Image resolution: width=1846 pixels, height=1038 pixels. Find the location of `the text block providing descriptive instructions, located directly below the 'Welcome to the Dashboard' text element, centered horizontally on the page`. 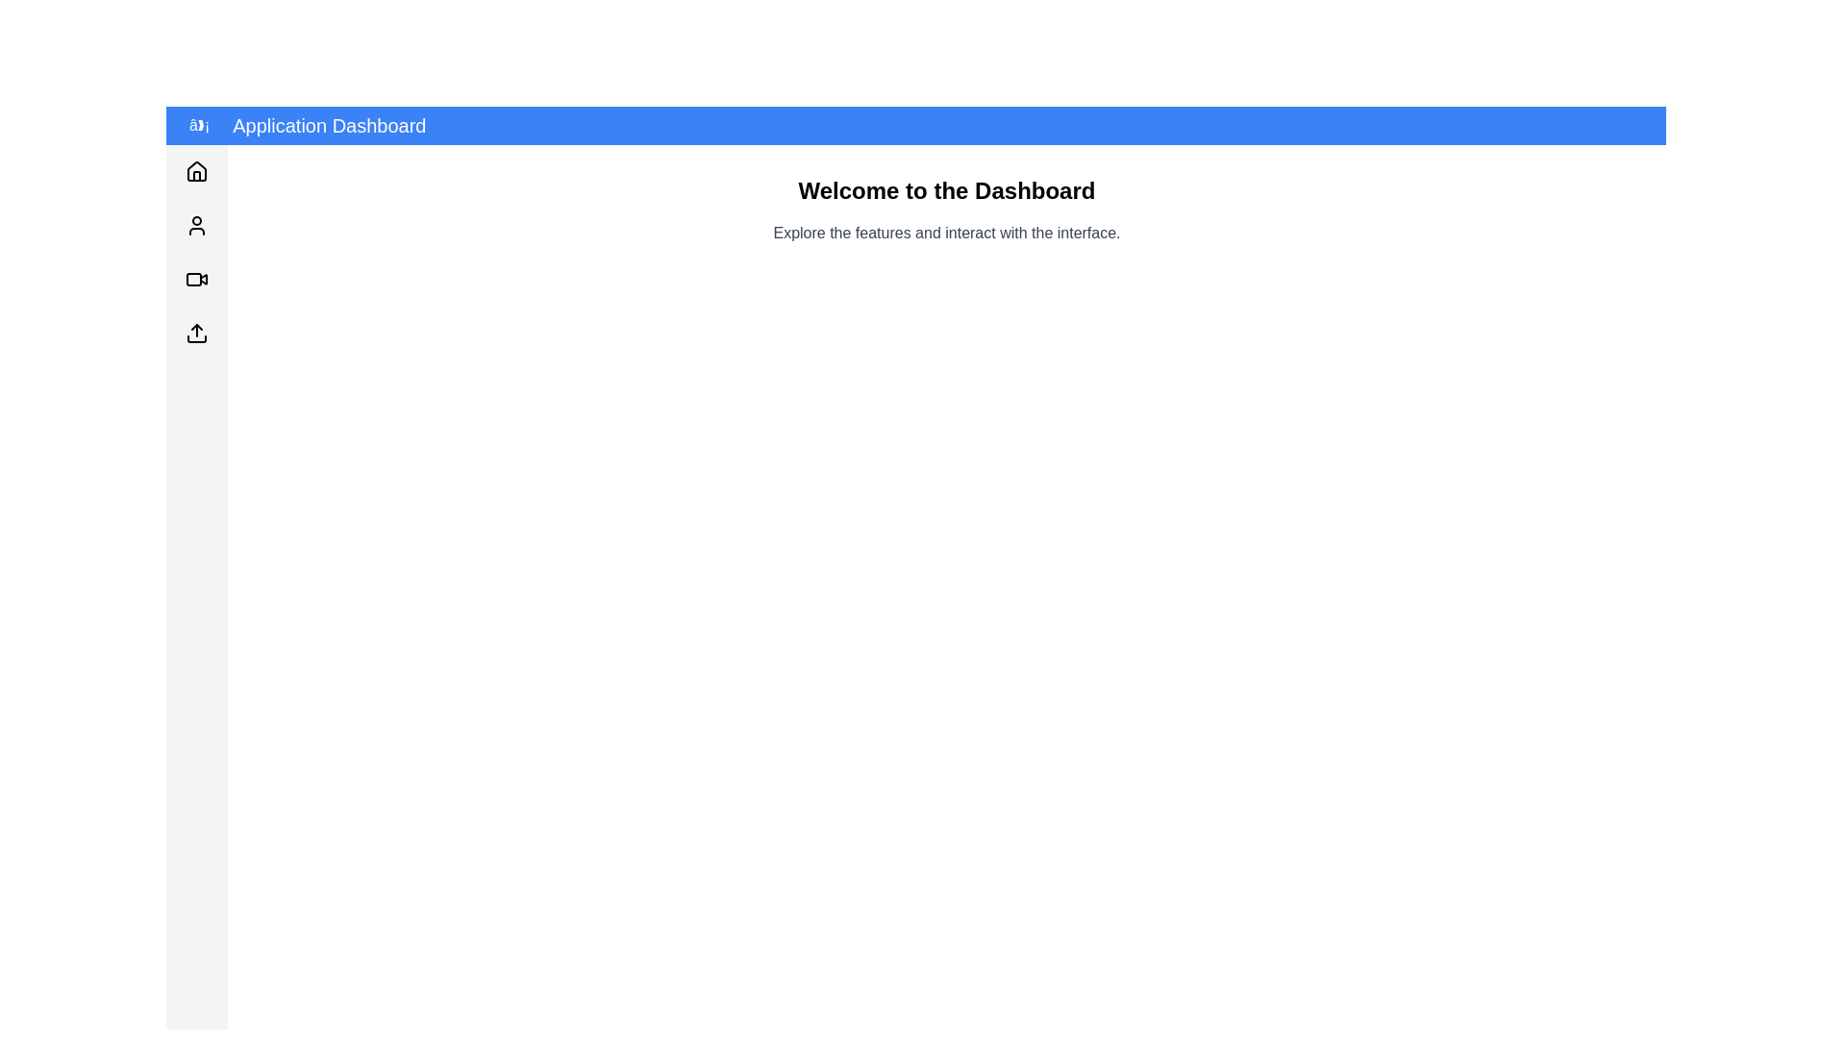

the text block providing descriptive instructions, located directly below the 'Welcome to the Dashboard' text element, centered horizontally on the page is located at coordinates (946, 233).